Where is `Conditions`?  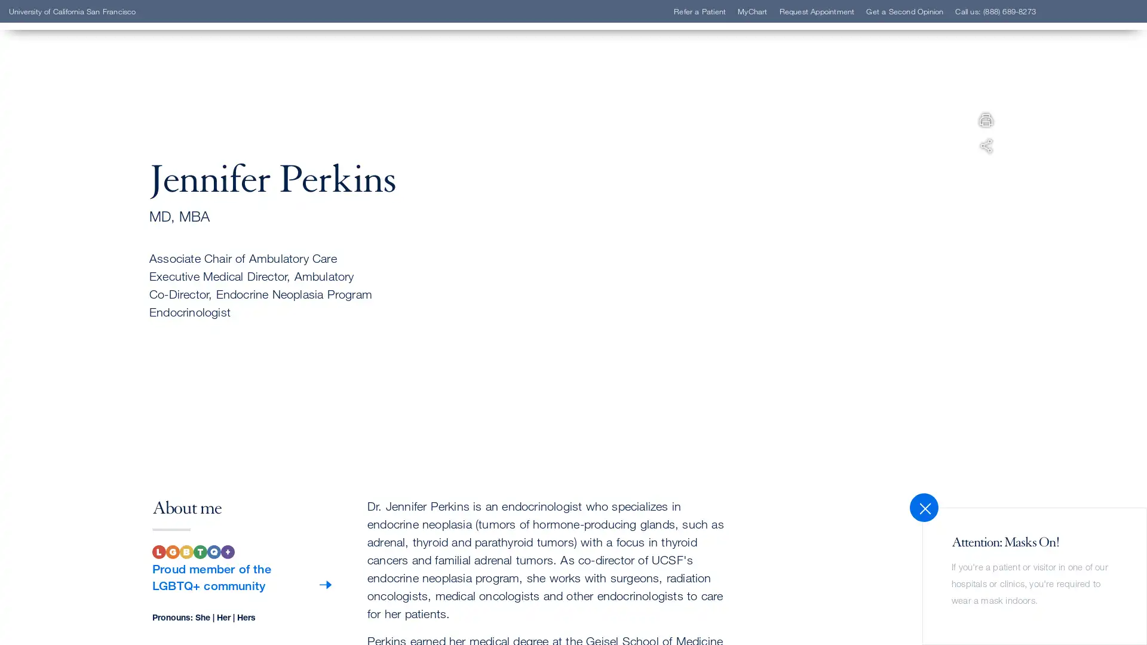
Conditions is located at coordinates (75, 230).